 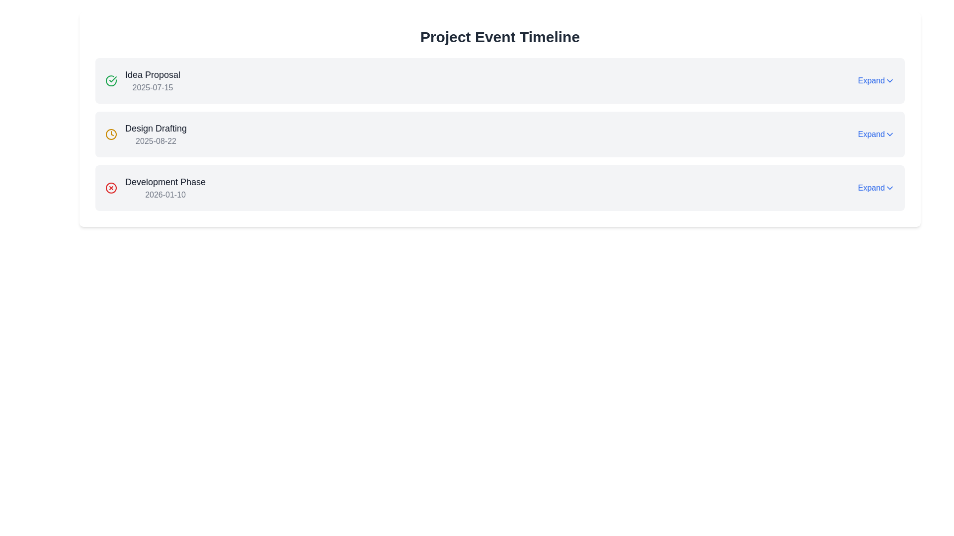 What do you see at coordinates (156, 134) in the screenshot?
I see `information displayed in the Text block that shows the event's title 'Design Drafting' and date '2025-08-22', which is located in the second row of the vertical list of events` at bounding box center [156, 134].